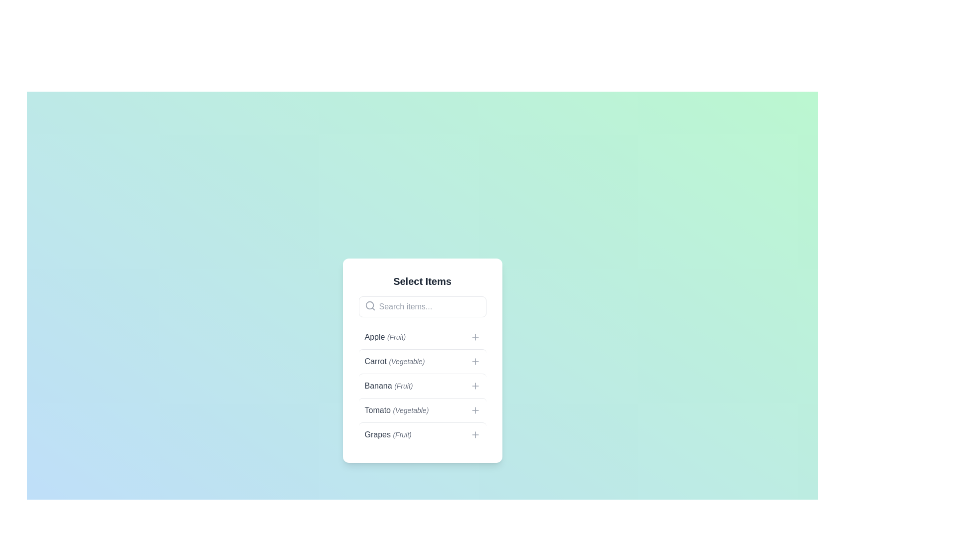 The height and width of the screenshot is (538, 957). Describe the element at coordinates (402, 434) in the screenshot. I see `the text label that categorizes 'Grapes' as a 'Fruit', positioned in the lower-right segment of the entry labeled 'Grapes' within the central card of the interface` at that location.